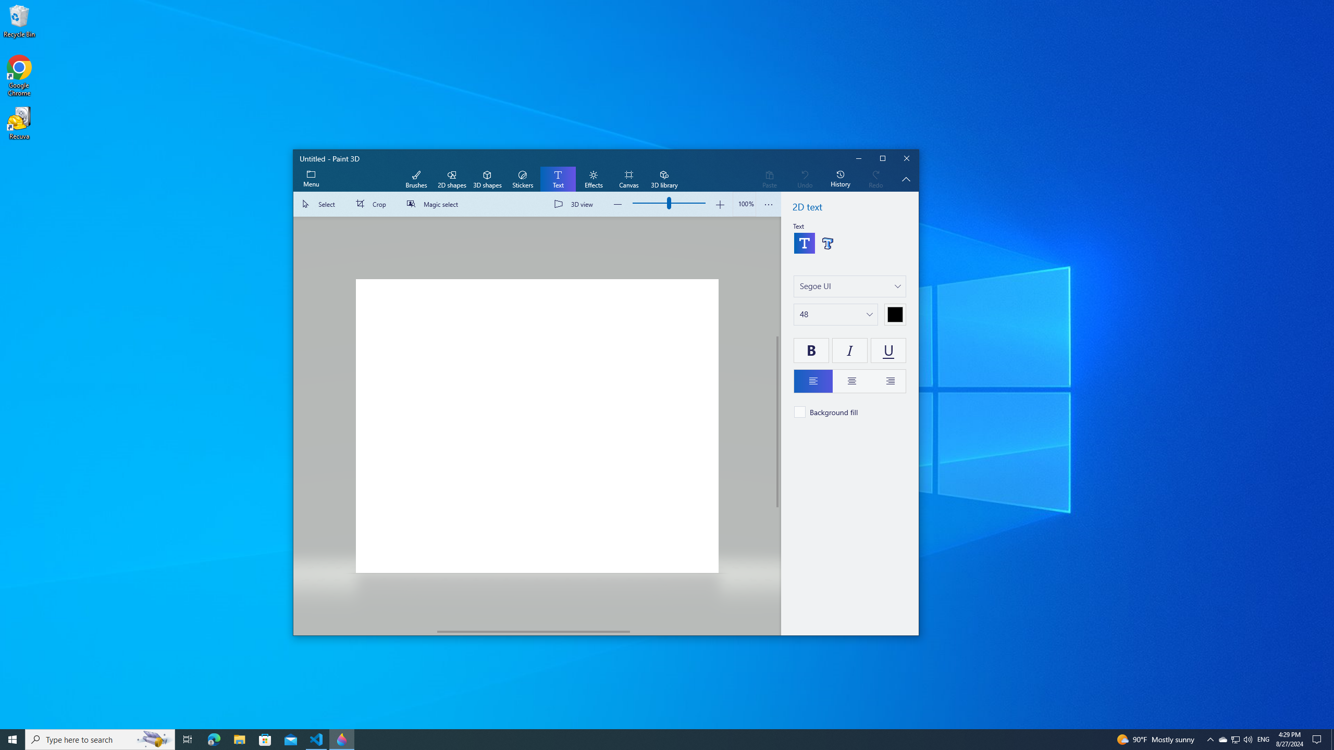 This screenshot has width=1334, height=750. What do you see at coordinates (894, 315) in the screenshot?
I see `'Choose a color'` at bounding box center [894, 315].